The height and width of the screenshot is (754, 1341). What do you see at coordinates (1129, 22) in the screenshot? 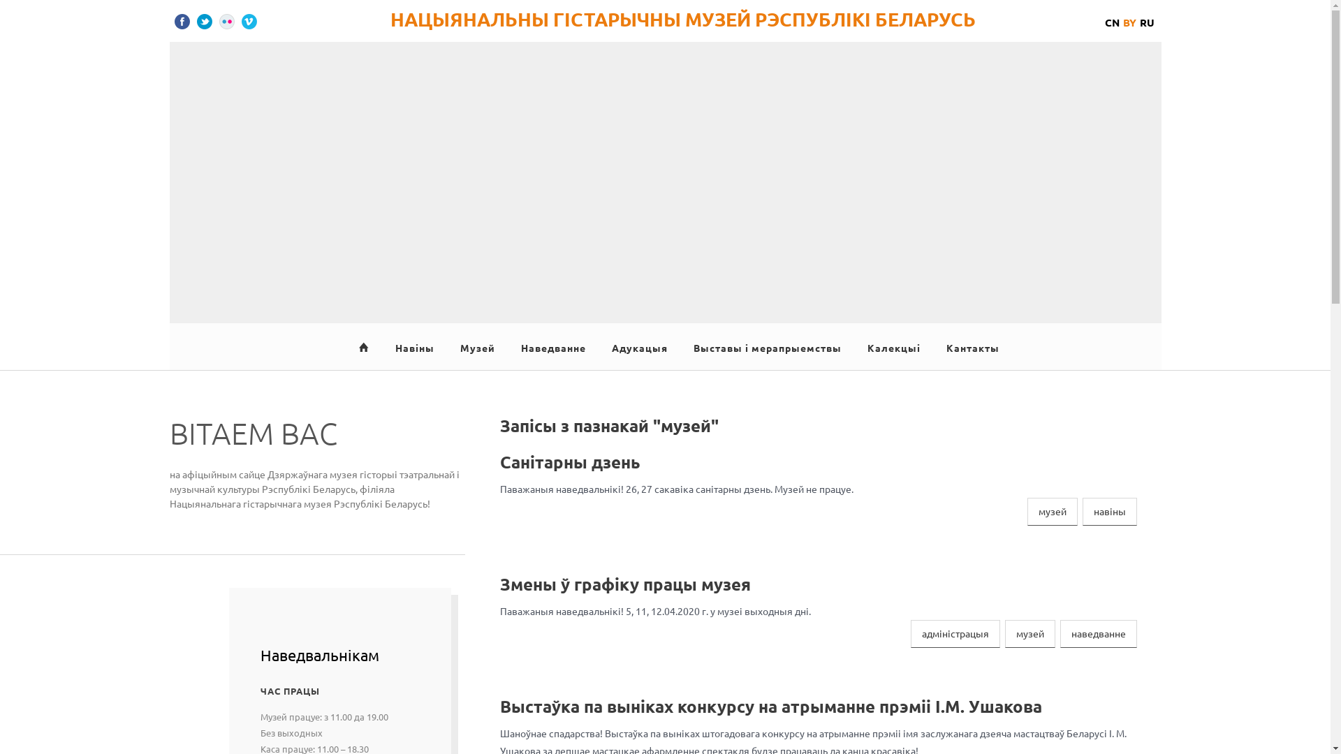
I see `'BY'` at bounding box center [1129, 22].